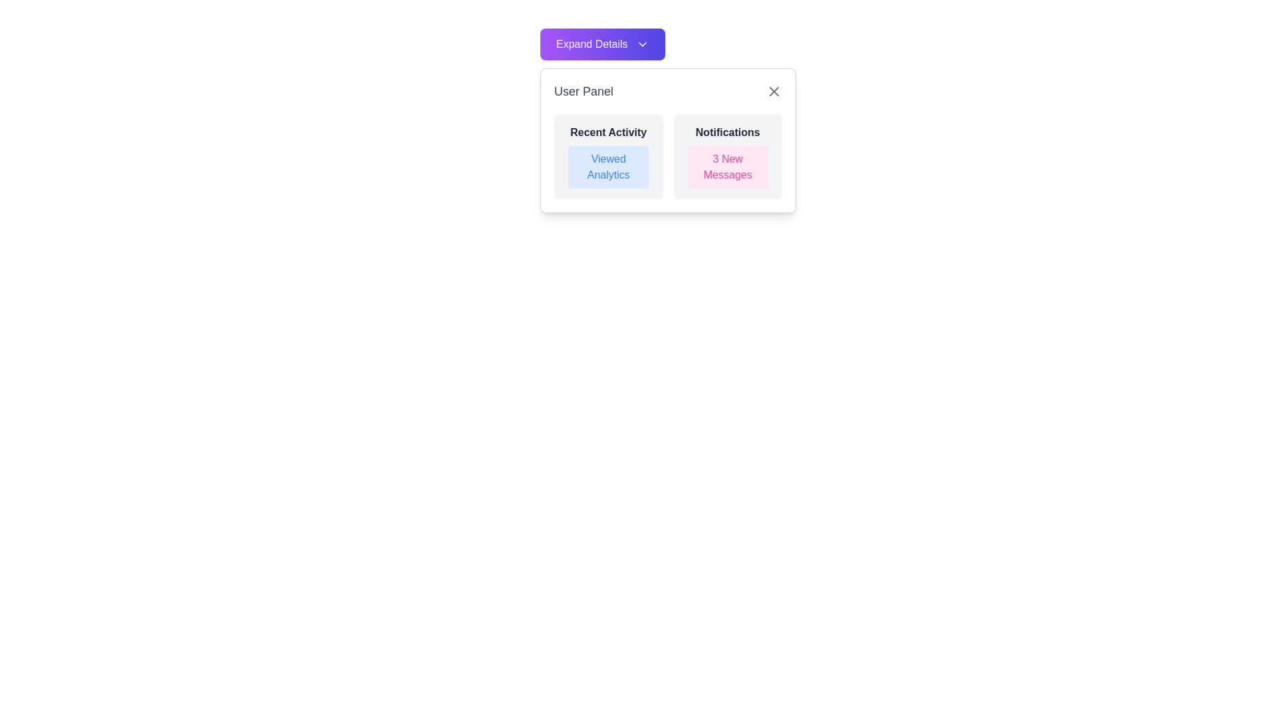 The width and height of the screenshot is (1276, 717). Describe the element at coordinates (642, 43) in the screenshot. I see `the downward facing chevron icon within the 'Expand Details' button, which indicates a clickable dropdown function` at that location.